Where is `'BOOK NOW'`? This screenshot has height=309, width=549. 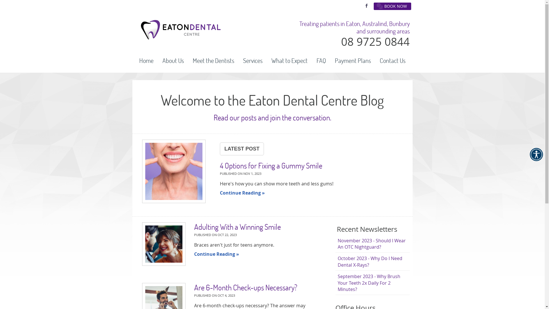 'BOOK NOW' is located at coordinates (392, 6).